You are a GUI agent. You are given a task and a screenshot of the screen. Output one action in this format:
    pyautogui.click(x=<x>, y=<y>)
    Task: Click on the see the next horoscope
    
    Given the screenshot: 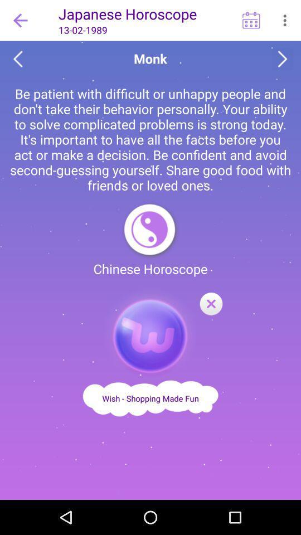 What is the action you would take?
    pyautogui.click(x=283, y=59)
    